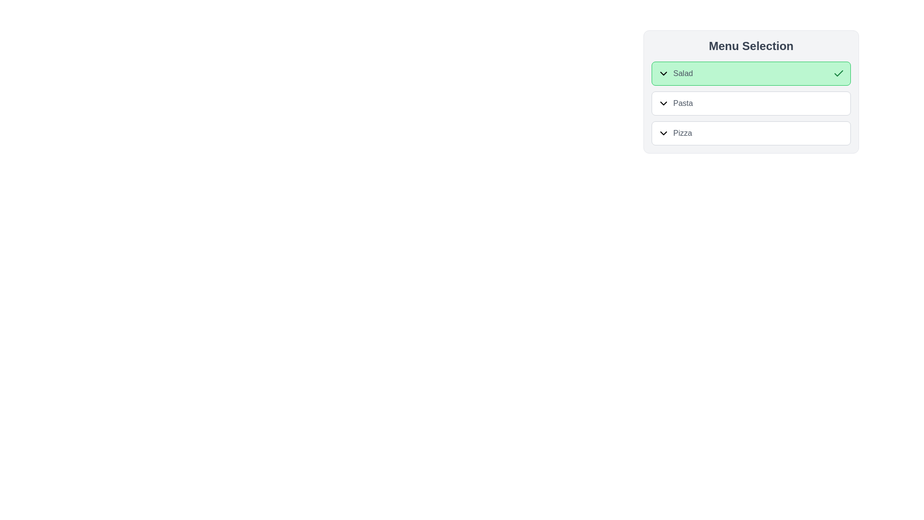 This screenshot has height=520, width=924. I want to click on the text of the 'Pasta' label in the selectable list, which is positioned between 'Salad' and 'Pizza', so click(682, 104).